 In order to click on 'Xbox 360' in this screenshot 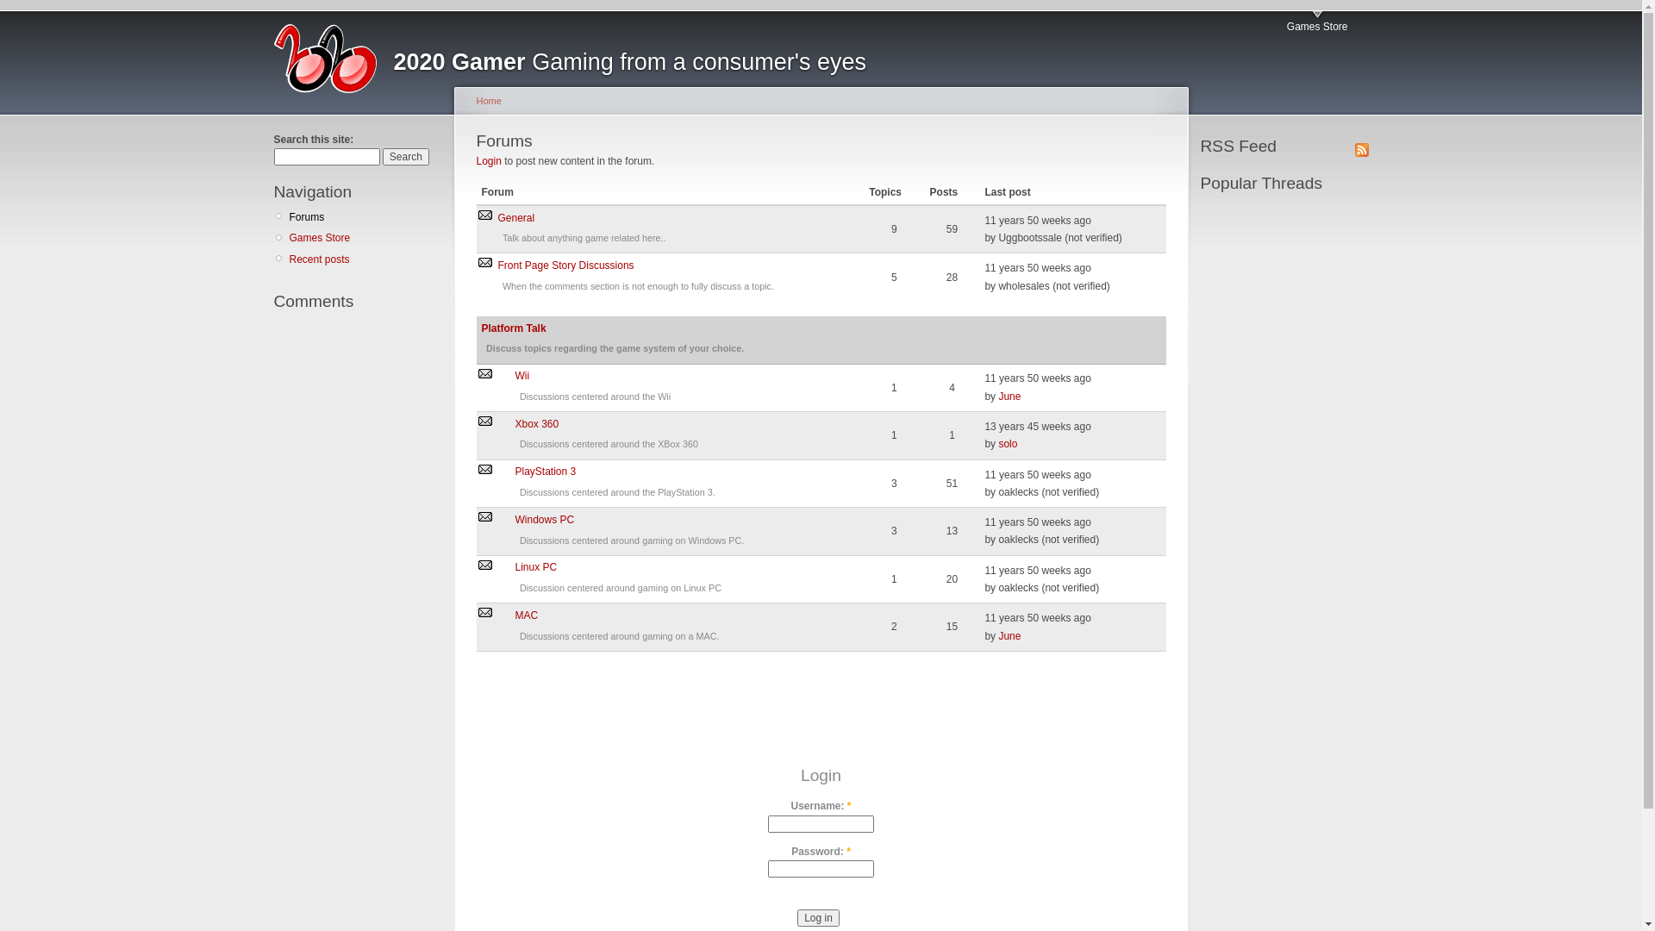, I will do `click(536, 424)`.